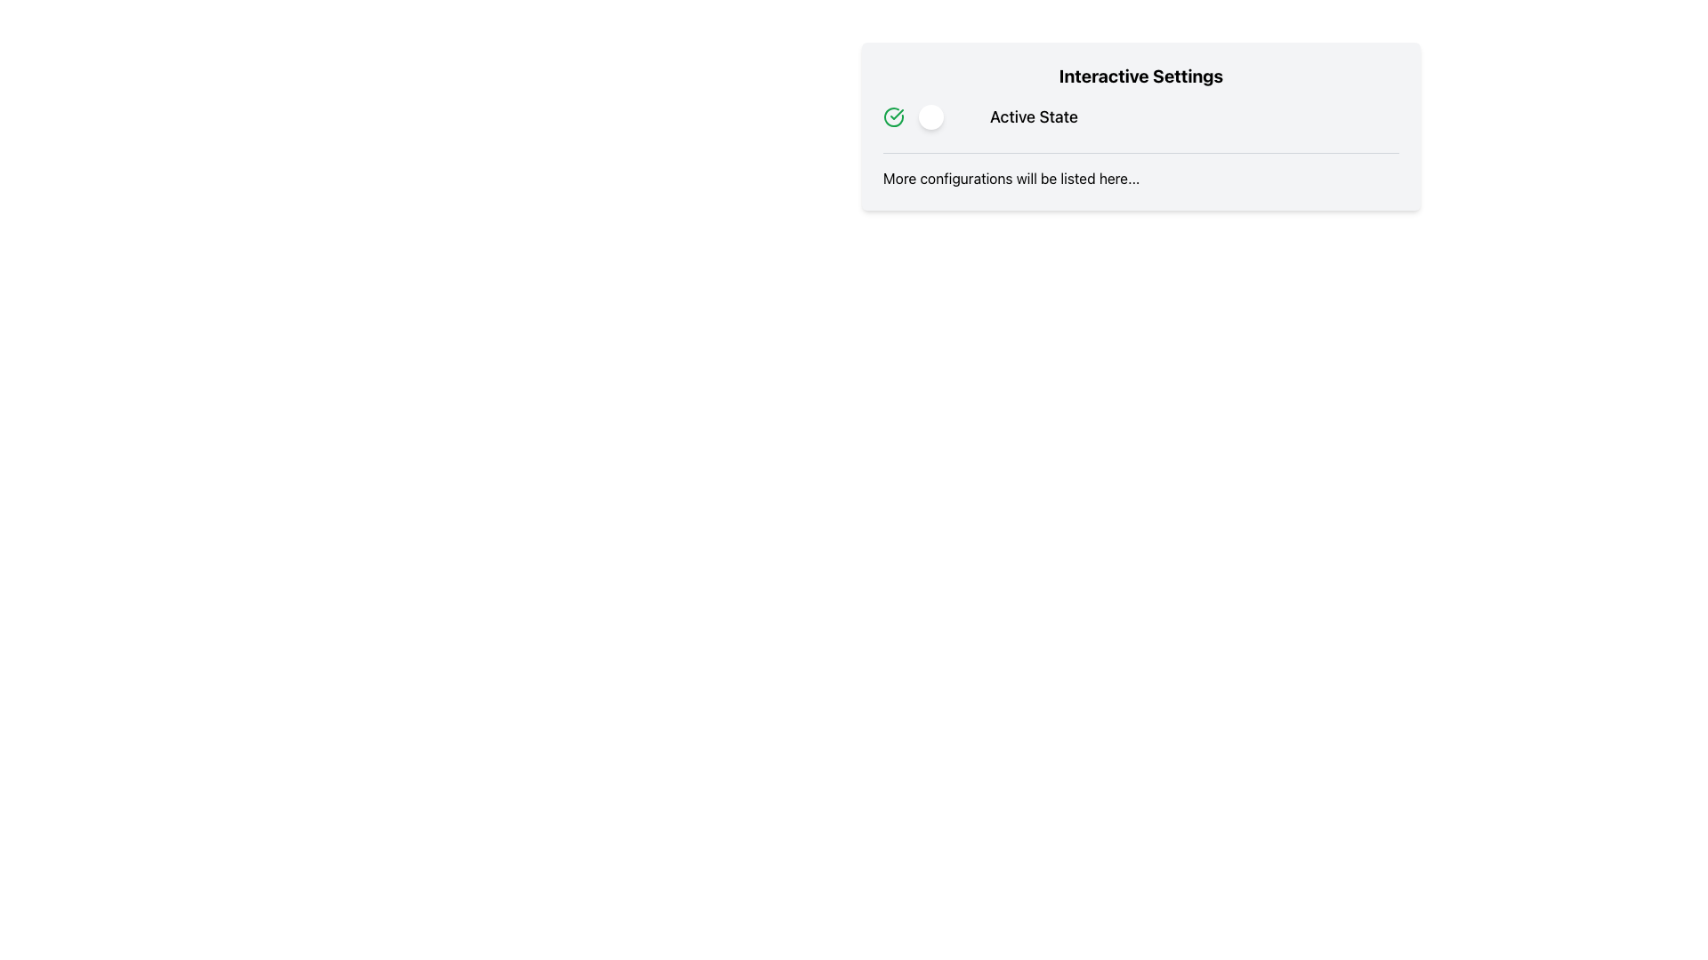  What do you see at coordinates (1140, 116) in the screenshot?
I see `the Toggle control located in the 'Interactive Settings' section to trigger the tooltip or visual feedback` at bounding box center [1140, 116].